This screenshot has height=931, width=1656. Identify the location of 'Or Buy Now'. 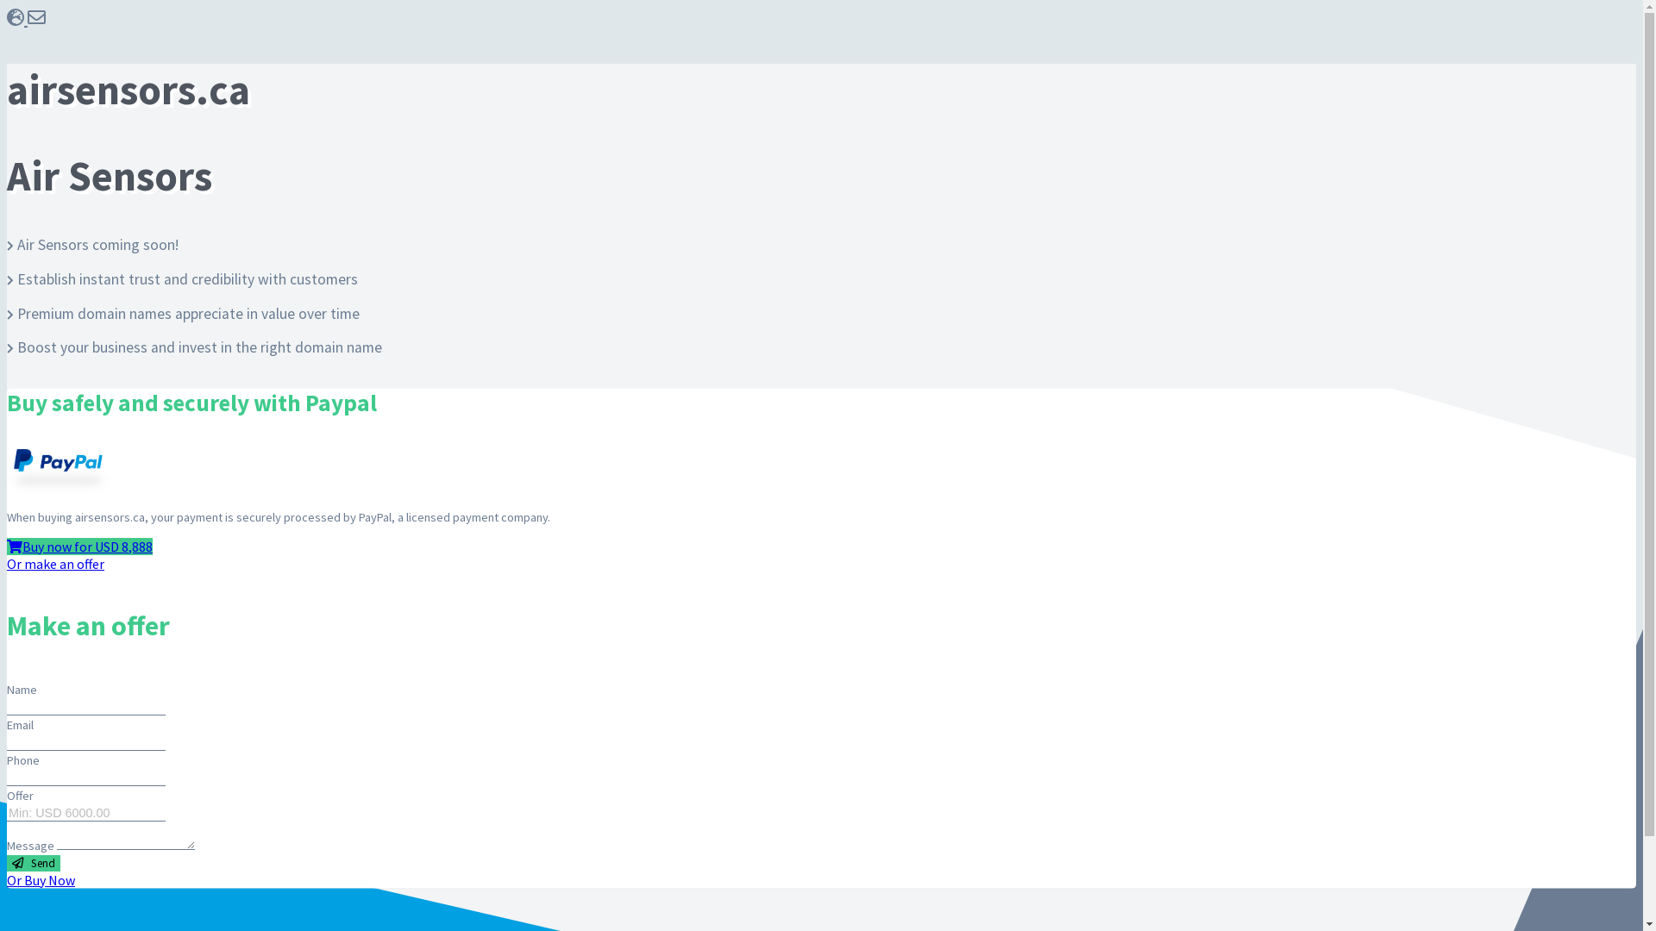
(7, 880).